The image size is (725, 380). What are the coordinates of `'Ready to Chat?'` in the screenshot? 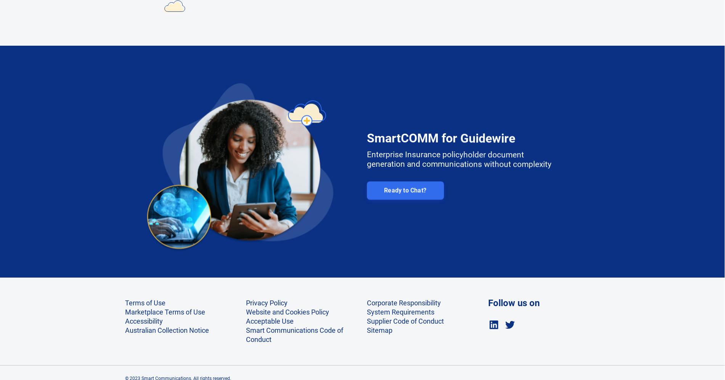 It's located at (405, 185).